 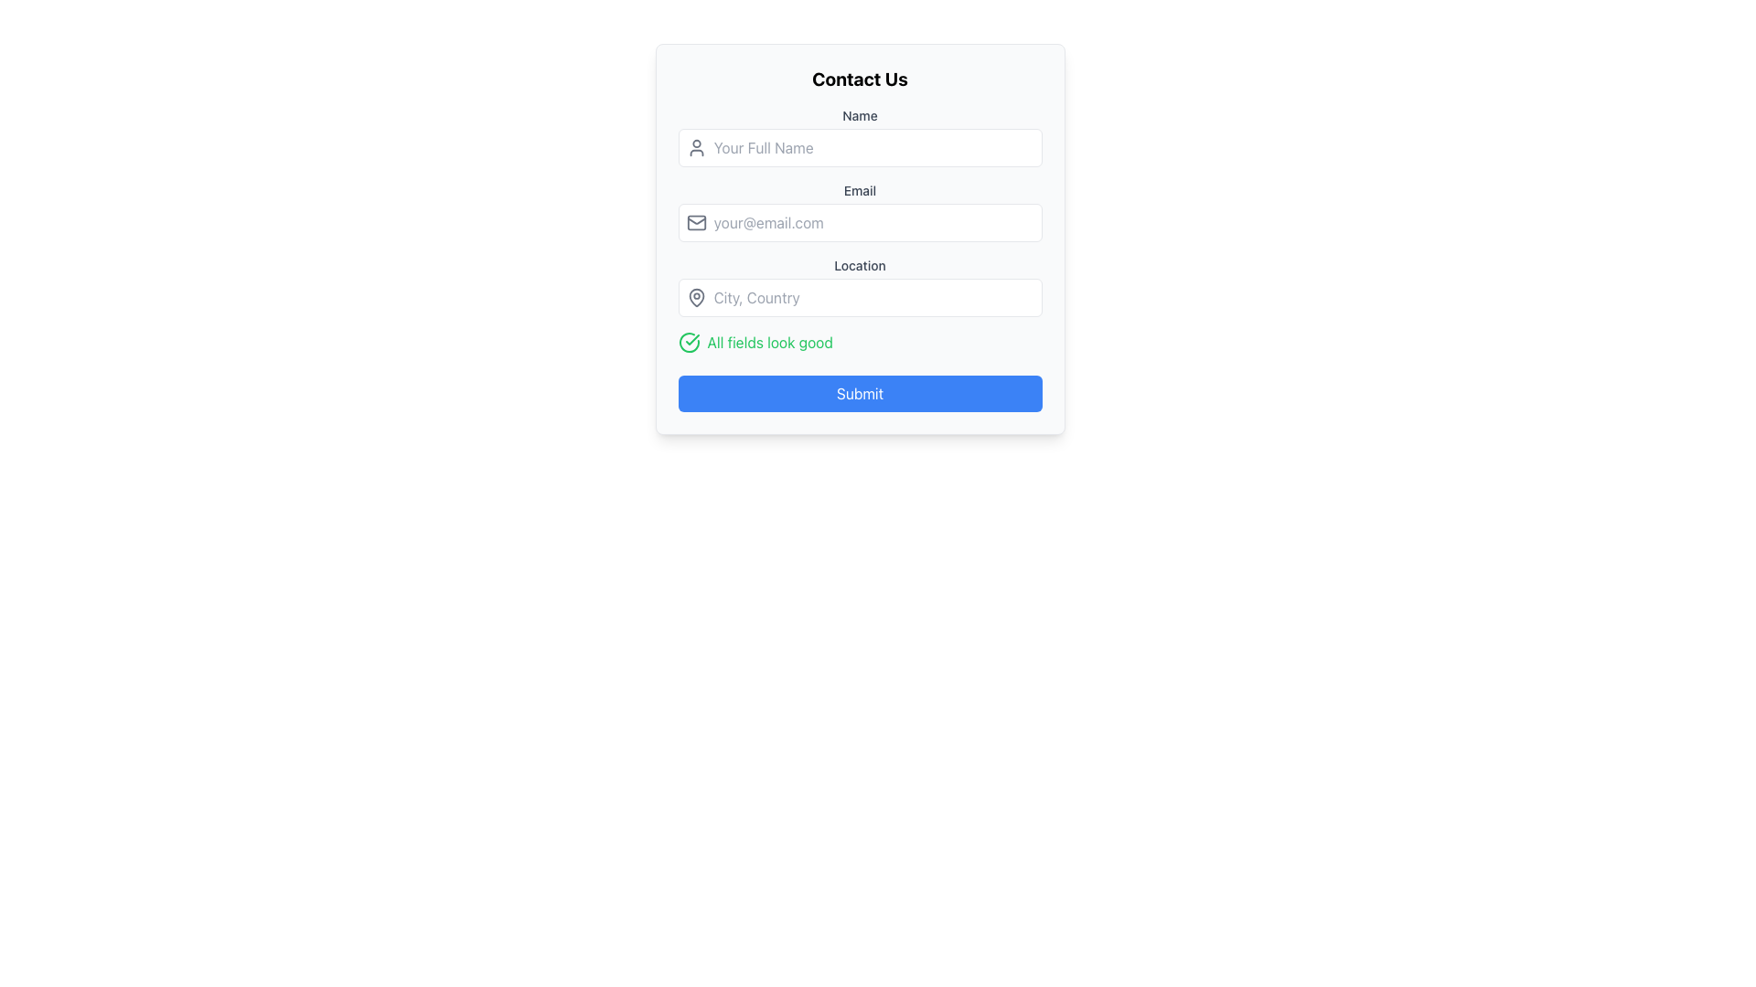 What do you see at coordinates (859, 79) in the screenshot?
I see `text heading 'Contact Us' which is a large, bold title centered above the form fields in the interface` at bounding box center [859, 79].